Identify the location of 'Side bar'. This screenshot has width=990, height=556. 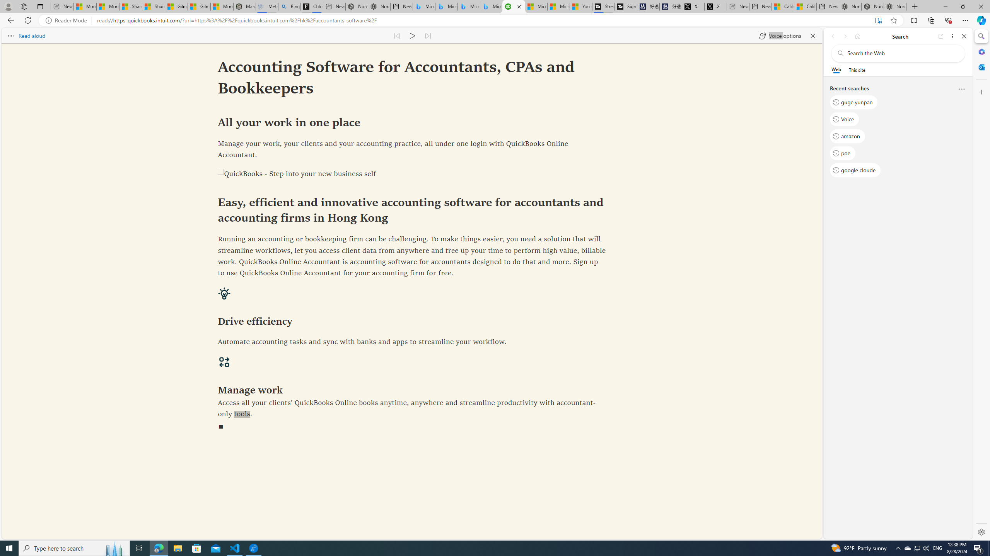
(981, 284).